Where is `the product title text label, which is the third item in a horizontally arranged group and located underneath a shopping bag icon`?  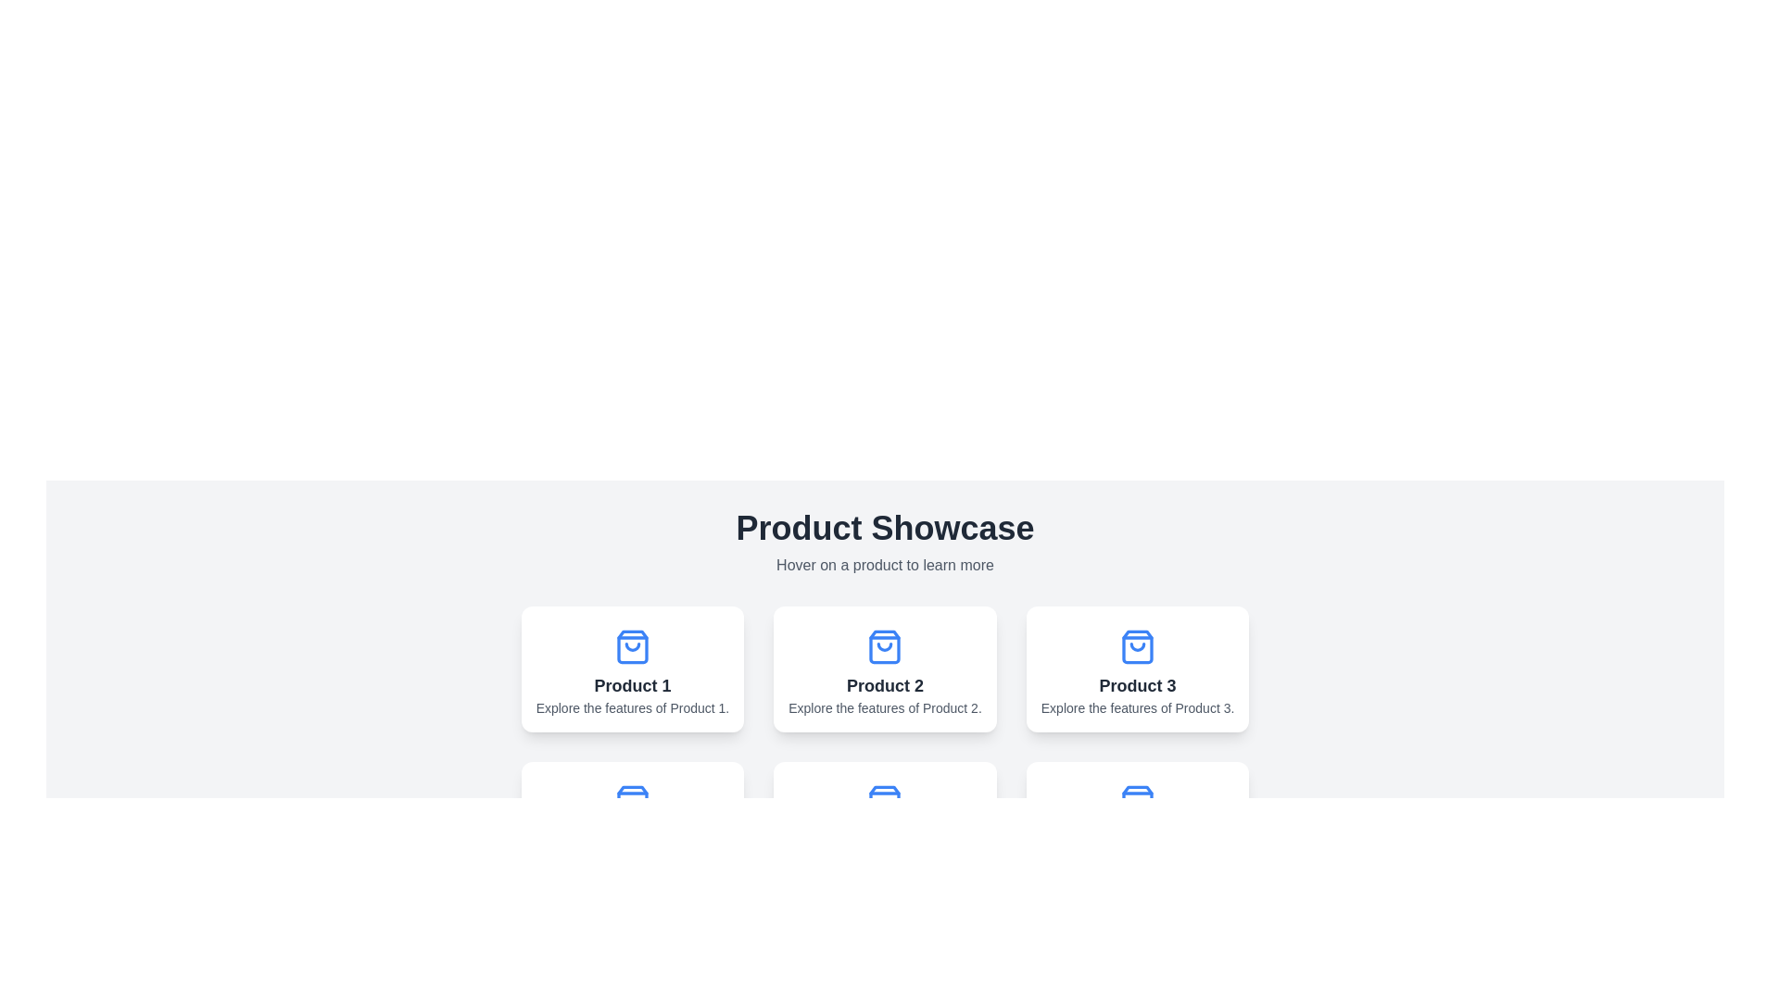 the product title text label, which is the third item in a horizontally arranged group and located underneath a shopping bag icon is located at coordinates (1137, 685).